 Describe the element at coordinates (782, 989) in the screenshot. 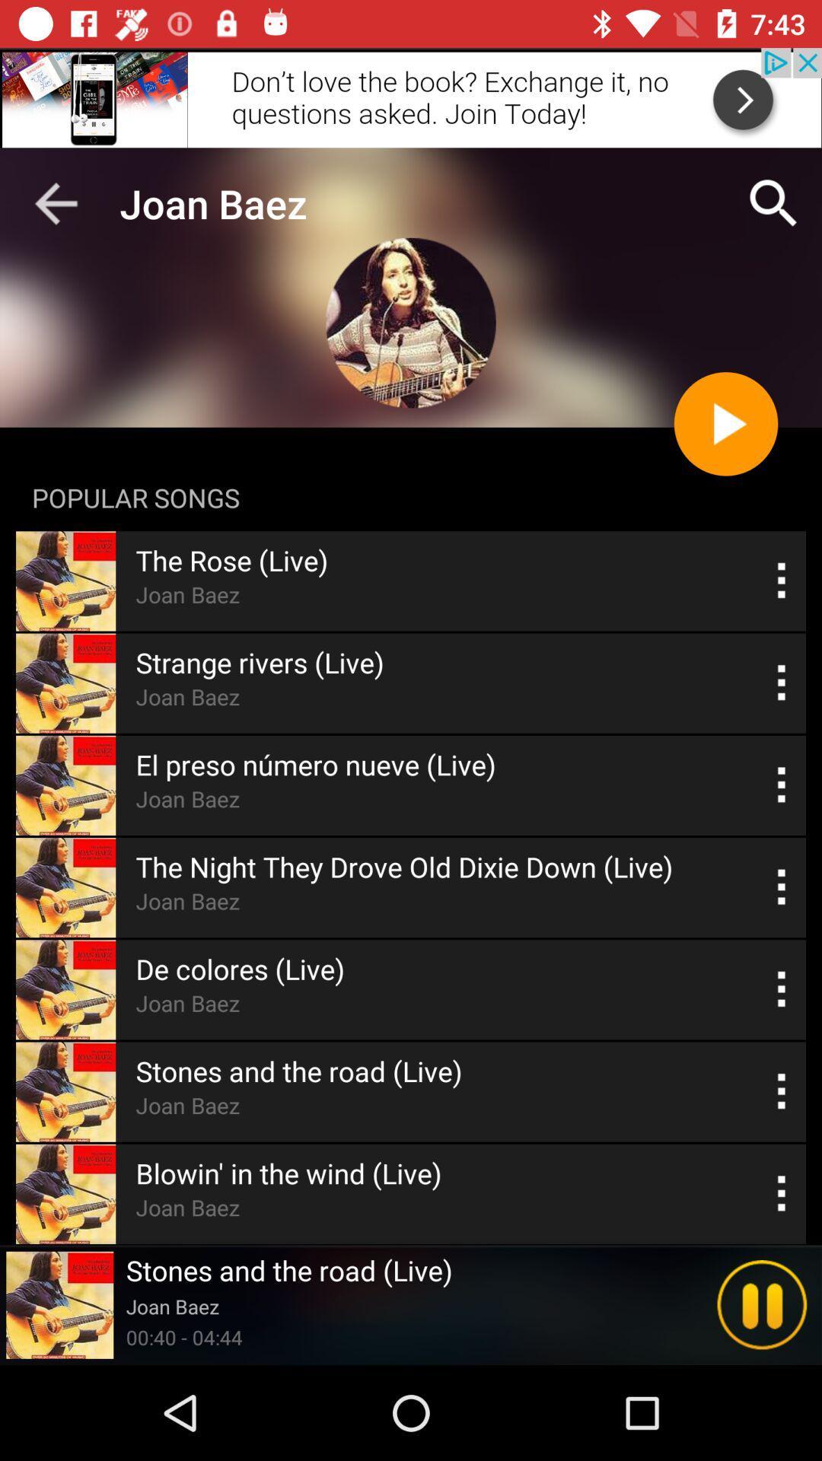

I see `the more icon` at that location.